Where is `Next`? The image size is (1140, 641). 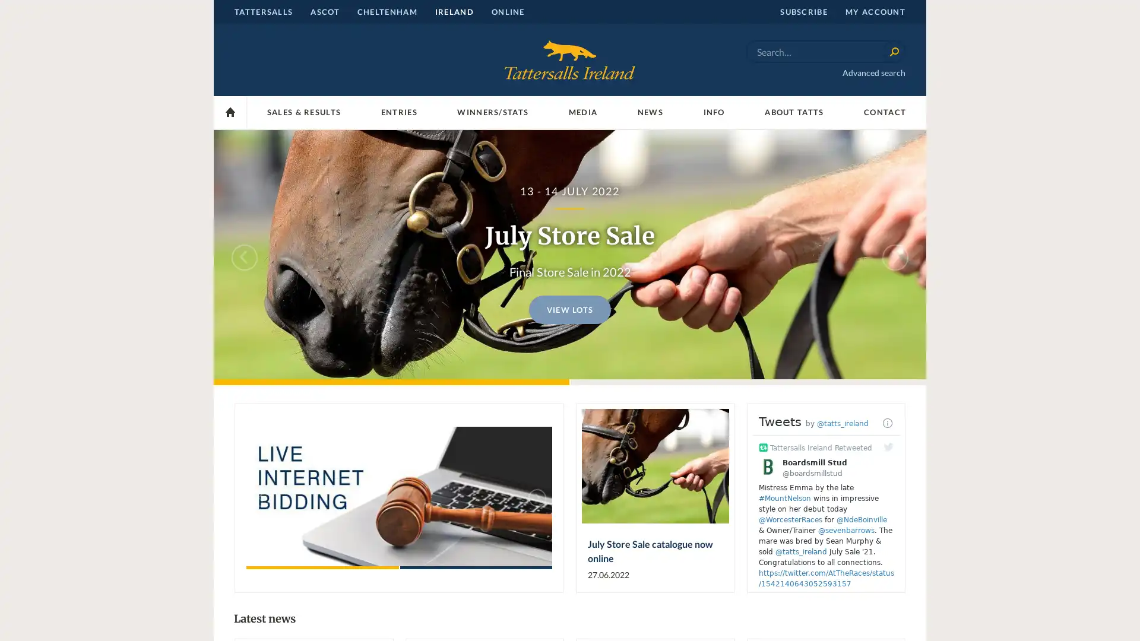
Next is located at coordinates (537, 497).